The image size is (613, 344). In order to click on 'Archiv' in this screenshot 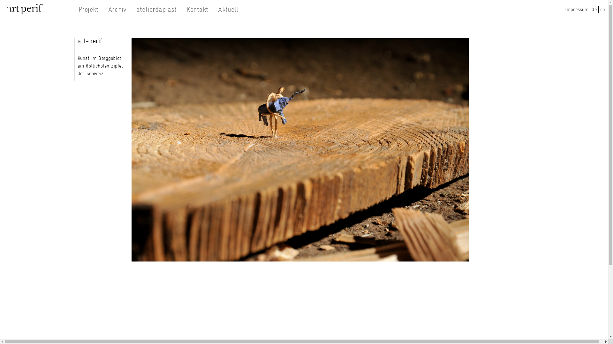, I will do `click(117, 9)`.